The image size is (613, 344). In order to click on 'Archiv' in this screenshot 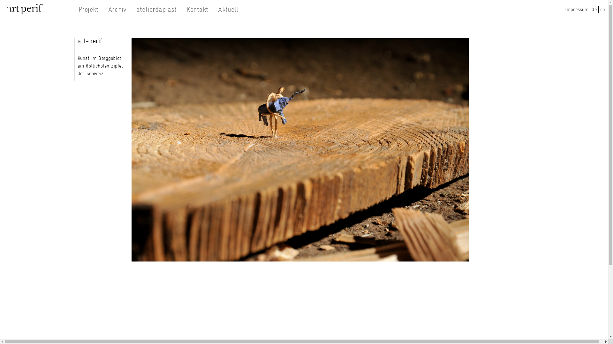, I will do `click(117, 9)`.